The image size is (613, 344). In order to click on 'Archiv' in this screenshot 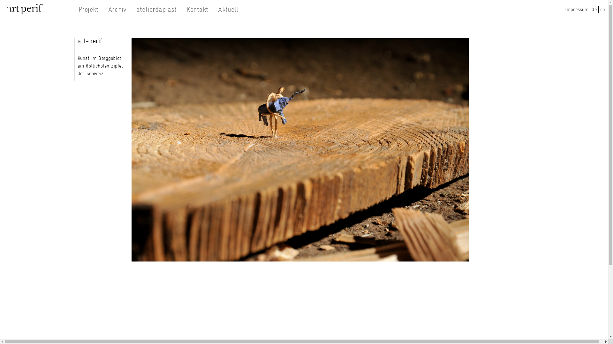, I will do `click(117, 9)`.